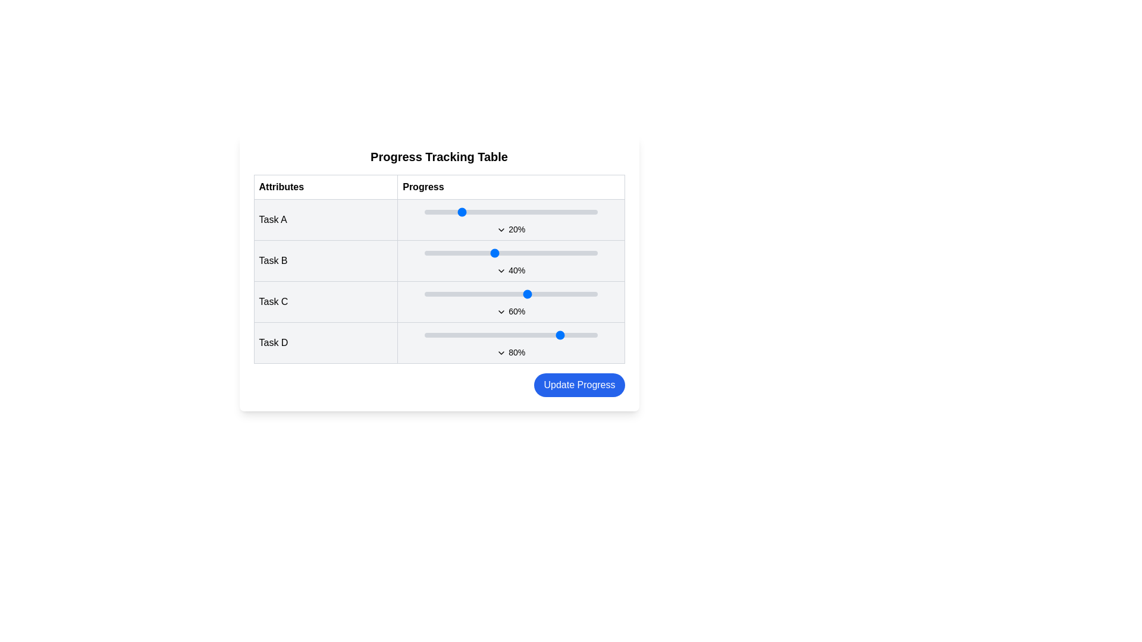  I want to click on the slider value, so click(456, 212).